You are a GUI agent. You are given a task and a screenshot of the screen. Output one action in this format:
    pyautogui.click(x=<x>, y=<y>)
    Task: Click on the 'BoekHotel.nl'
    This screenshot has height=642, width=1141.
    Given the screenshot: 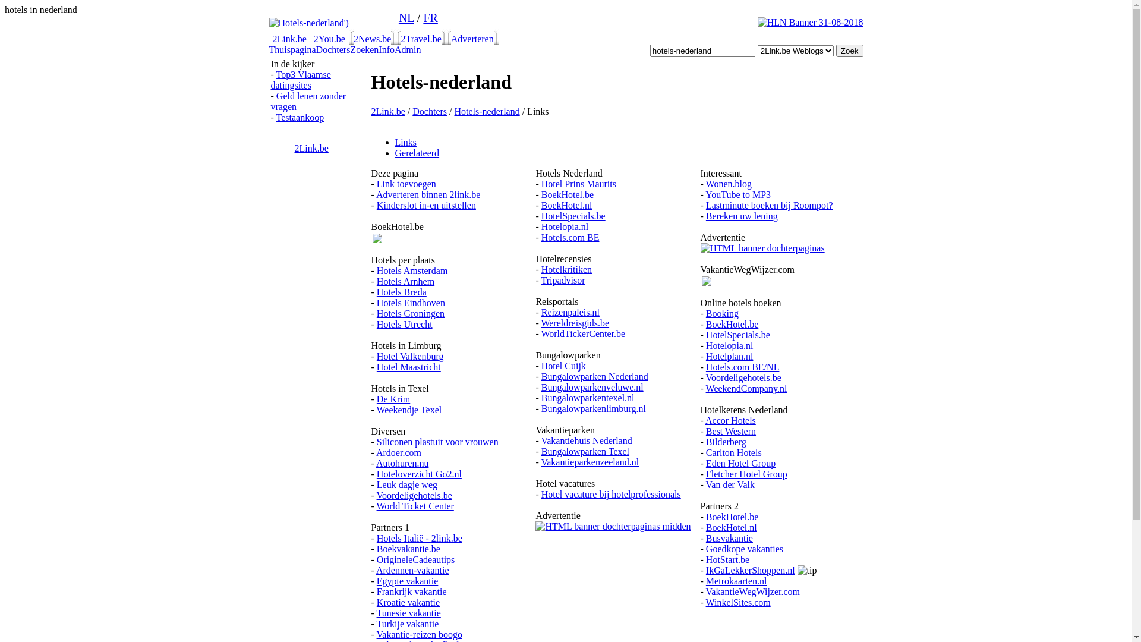 What is the action you would take?
    pyautogui.click(x=566, y=204)
    